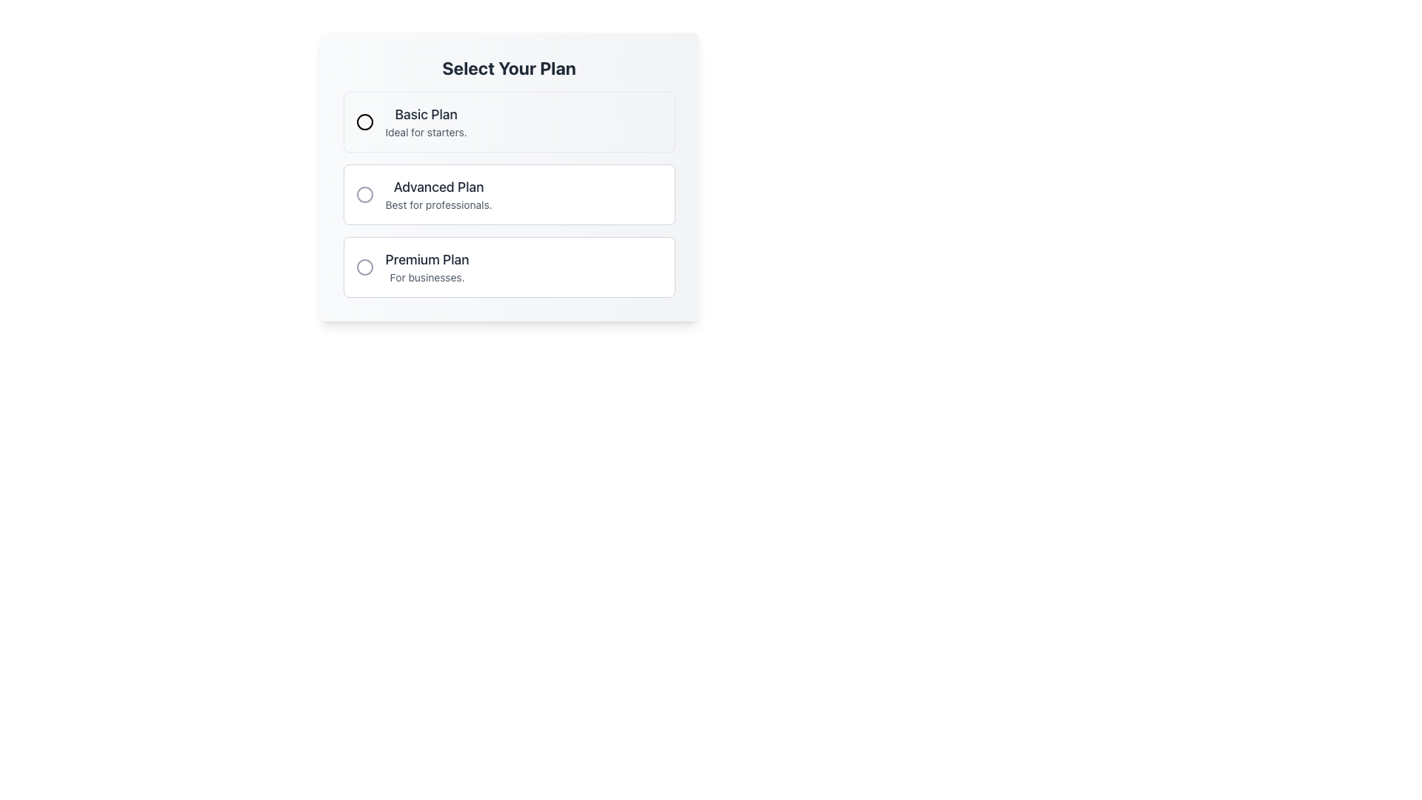 This screenshot has width=1422, height=800. Describe the element at coordinates (438, 205) in the screenshot. I see `the static text that describes the 'Advanced Plan', located directly beneath the 'Advanced Plan' heading in the second option block of the vertically aligned list of plans` at that location.